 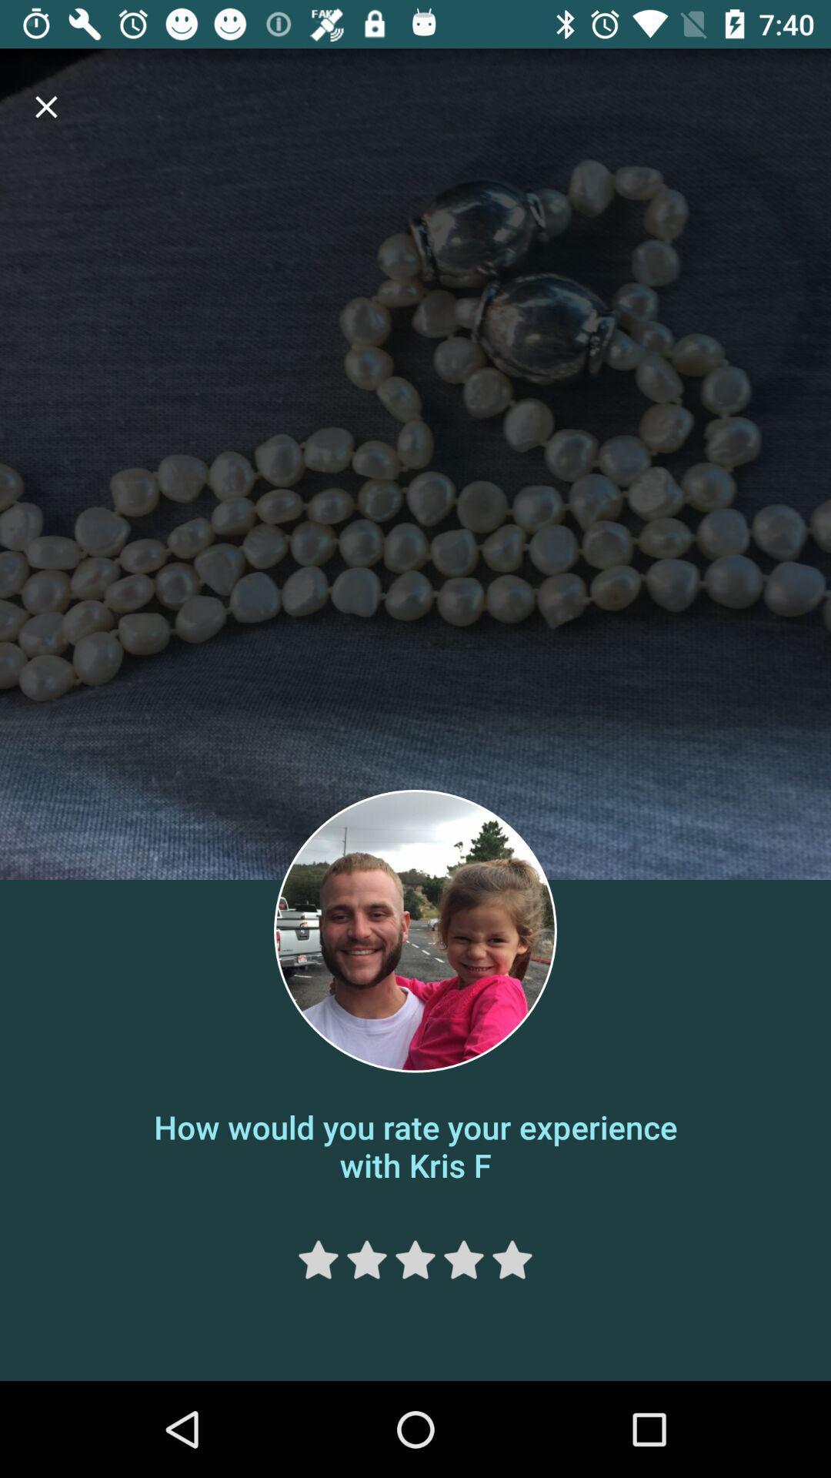 What do you see at coordinates (512, 1259) in the screenshot?
I see `give five stars` at bounding box center [512, 1259].